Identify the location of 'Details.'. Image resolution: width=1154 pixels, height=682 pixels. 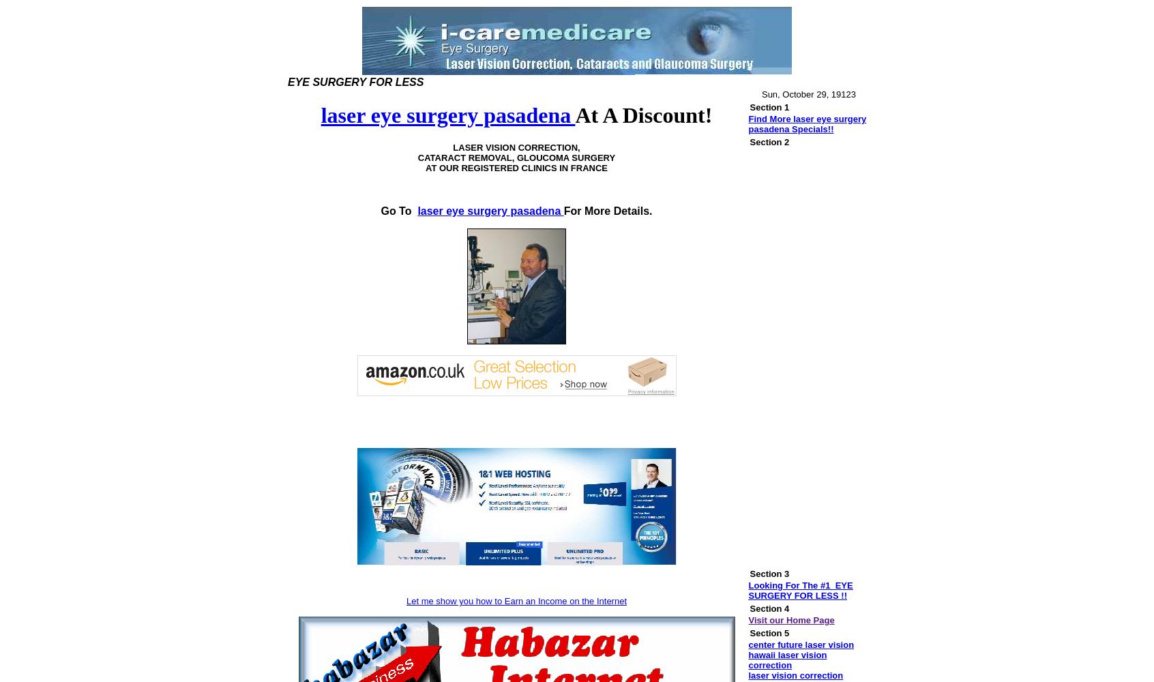
(632, 211).